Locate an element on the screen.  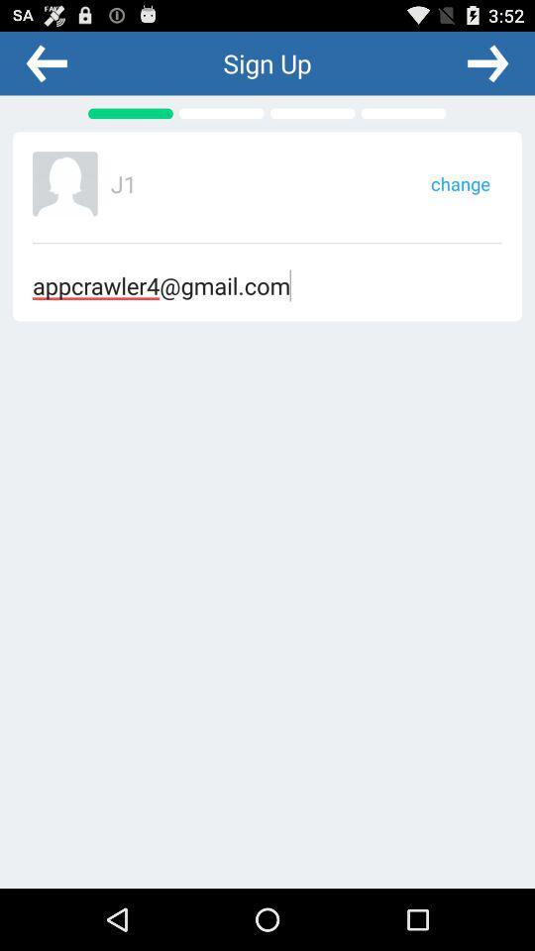
the arrow_forward icon is located at coordinates (486, 67).